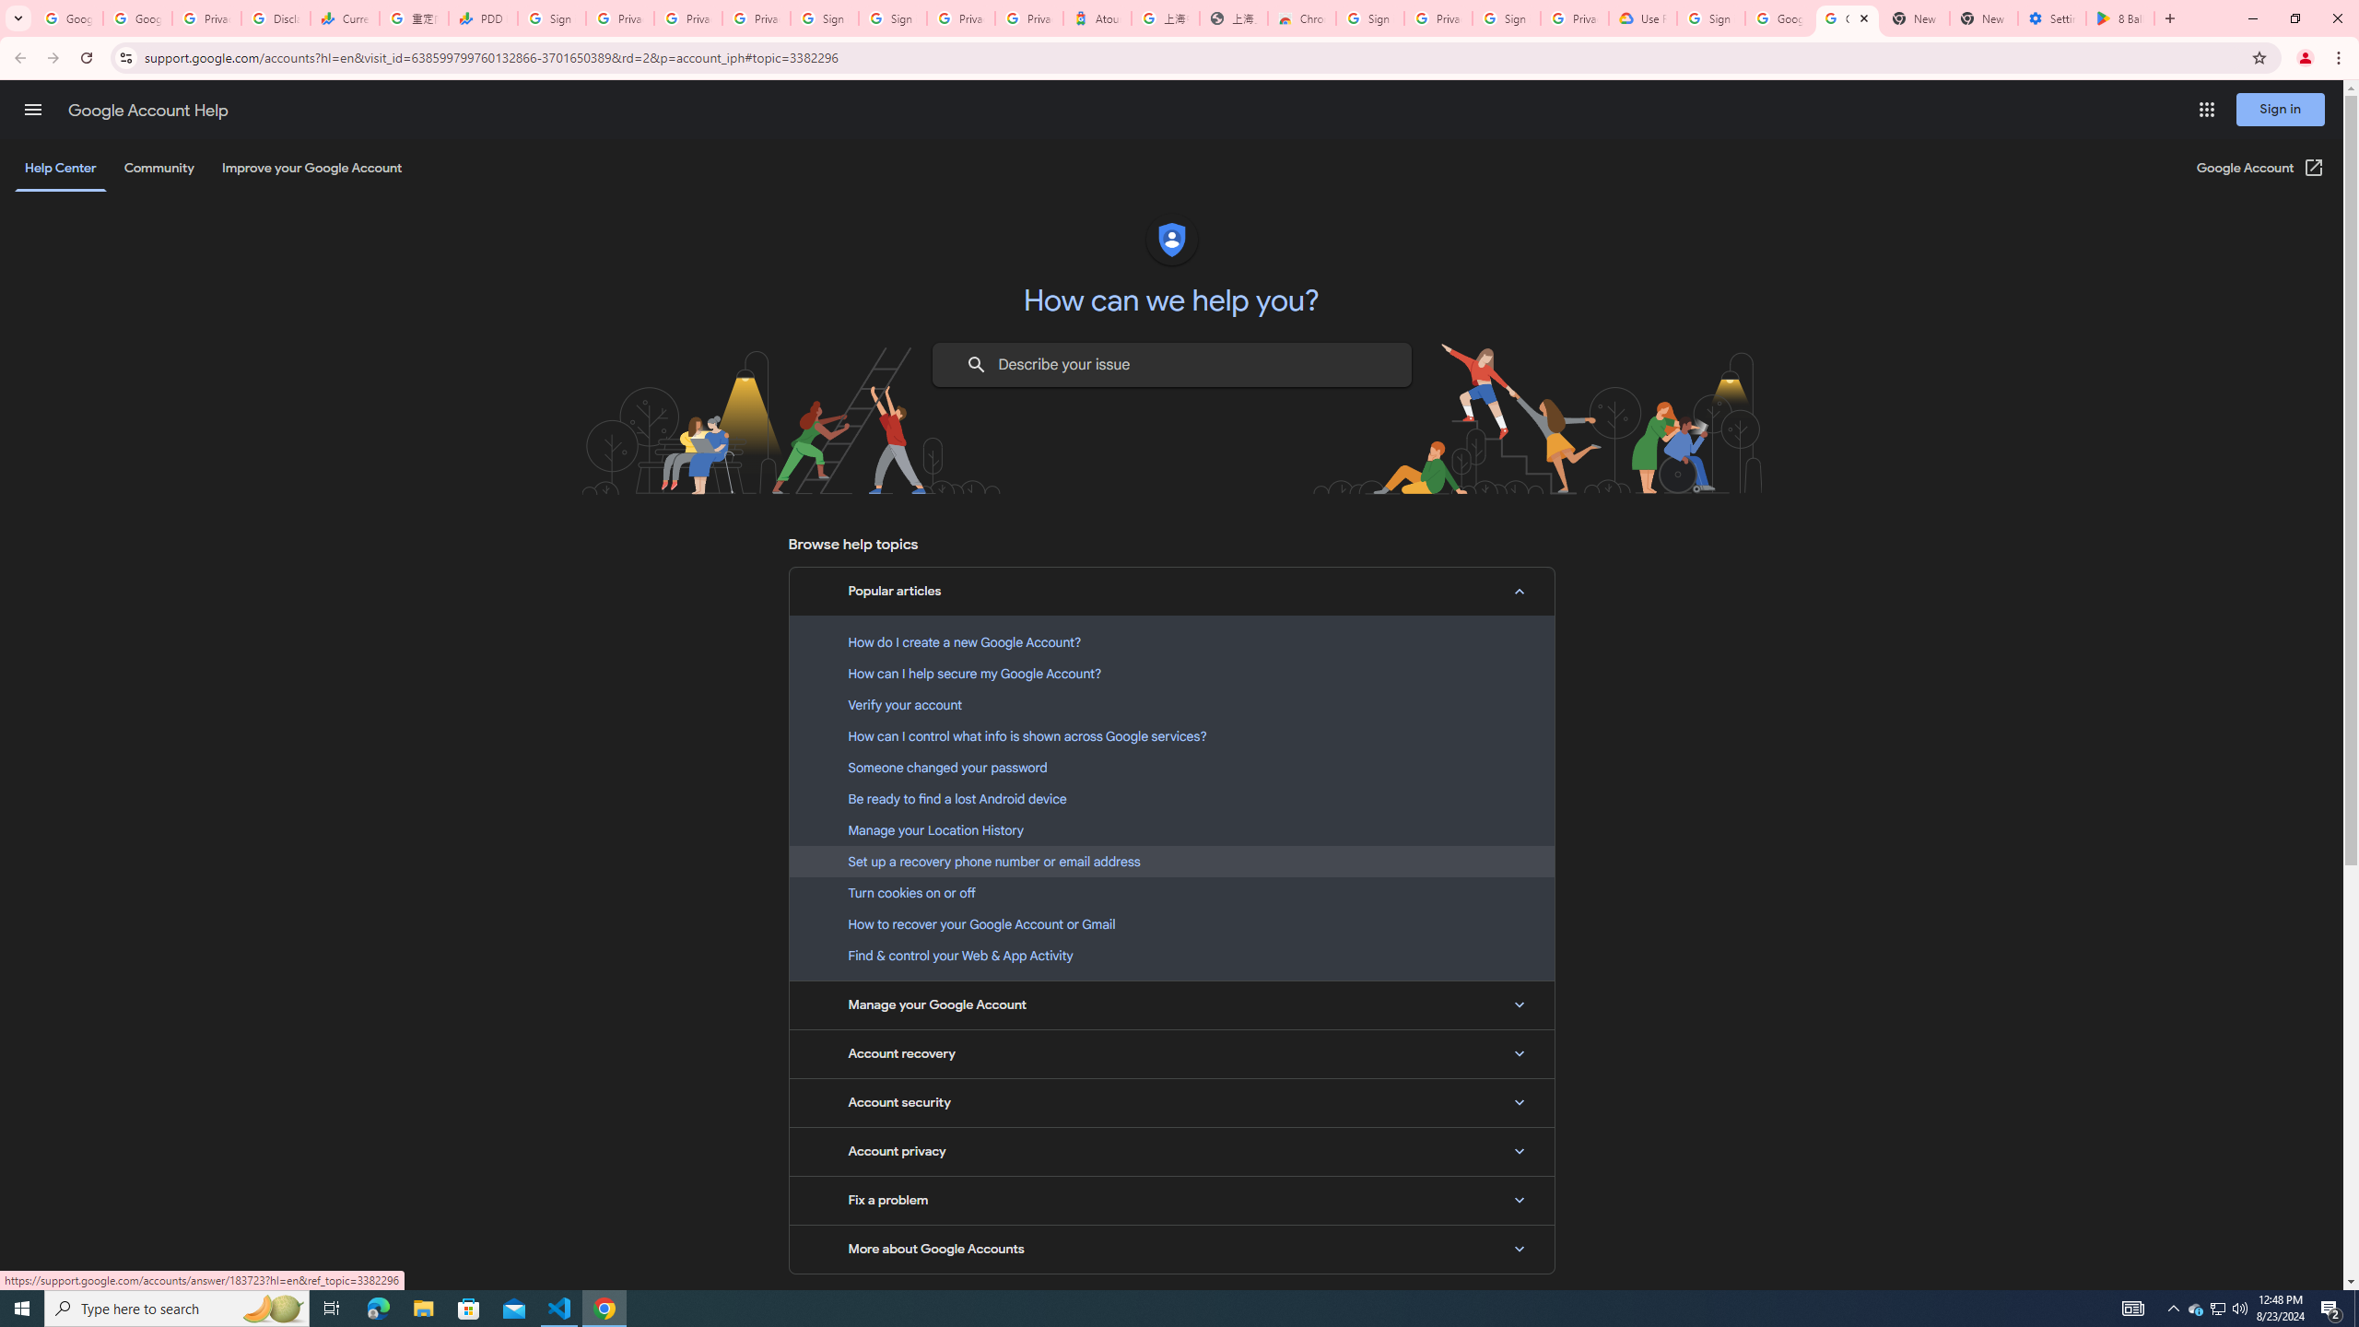  Describe the element at coordinates (1171, 1200) in the screenshot. I see `'Fix a problem'` at that location.